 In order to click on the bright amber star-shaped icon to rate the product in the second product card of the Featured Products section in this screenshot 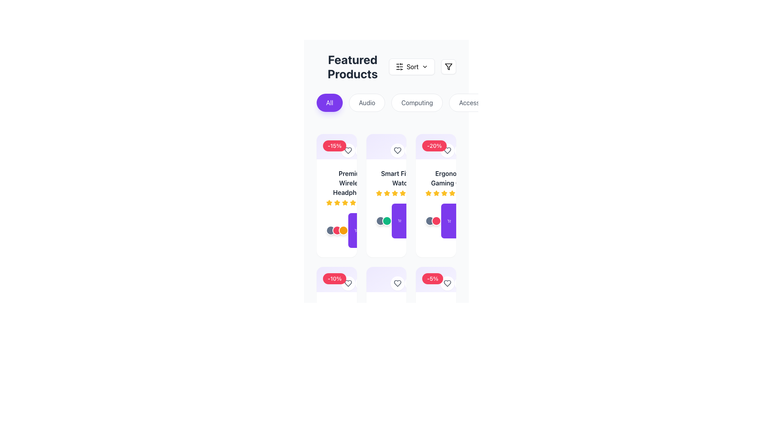, I will do `click(452, 193)`.